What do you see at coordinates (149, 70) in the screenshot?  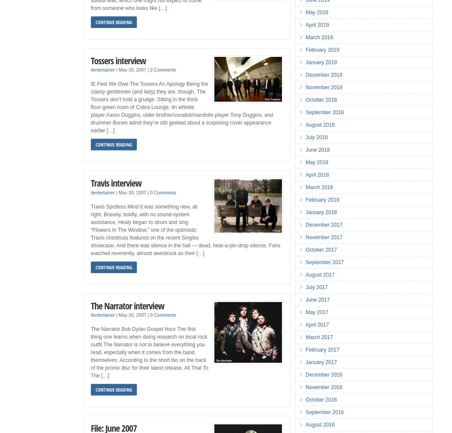 I see `'2 Comments'` at bounding box center [149, 70].